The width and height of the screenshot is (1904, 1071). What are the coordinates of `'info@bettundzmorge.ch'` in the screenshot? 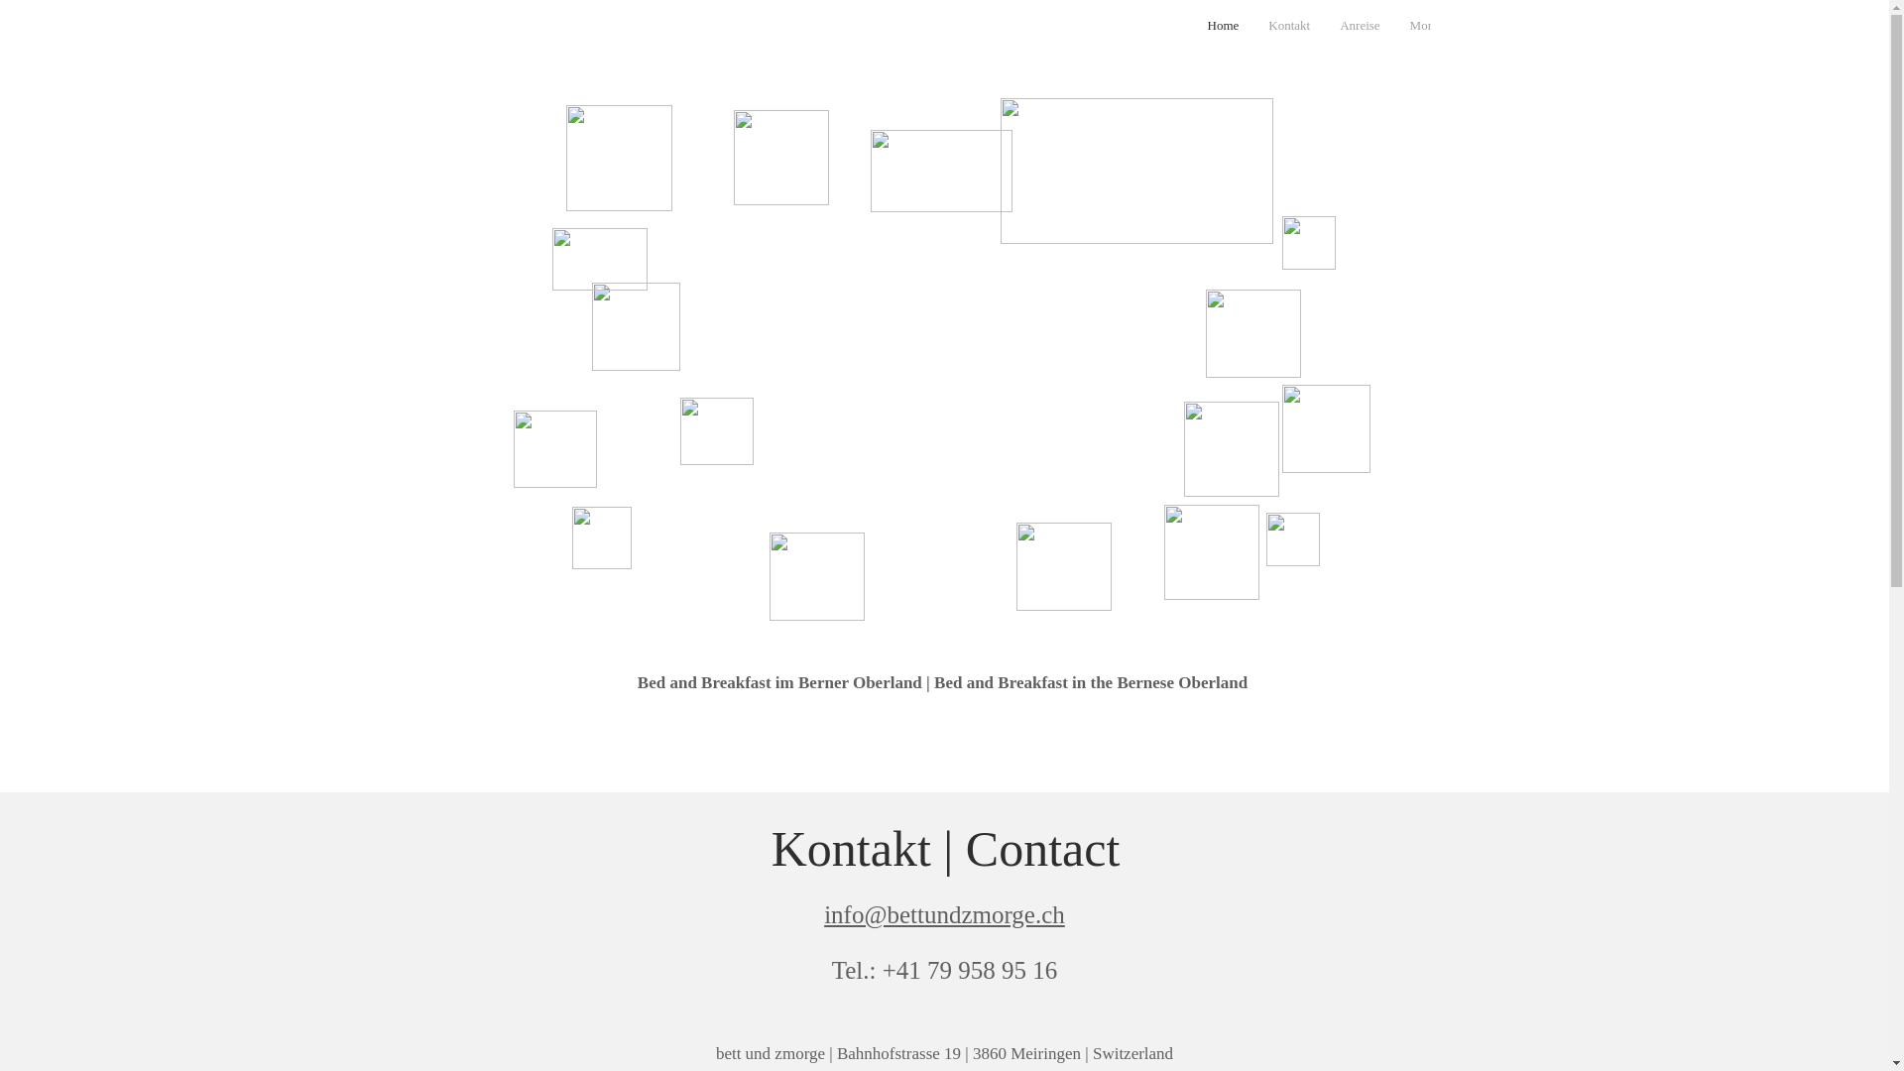 It's located at (943, 914).